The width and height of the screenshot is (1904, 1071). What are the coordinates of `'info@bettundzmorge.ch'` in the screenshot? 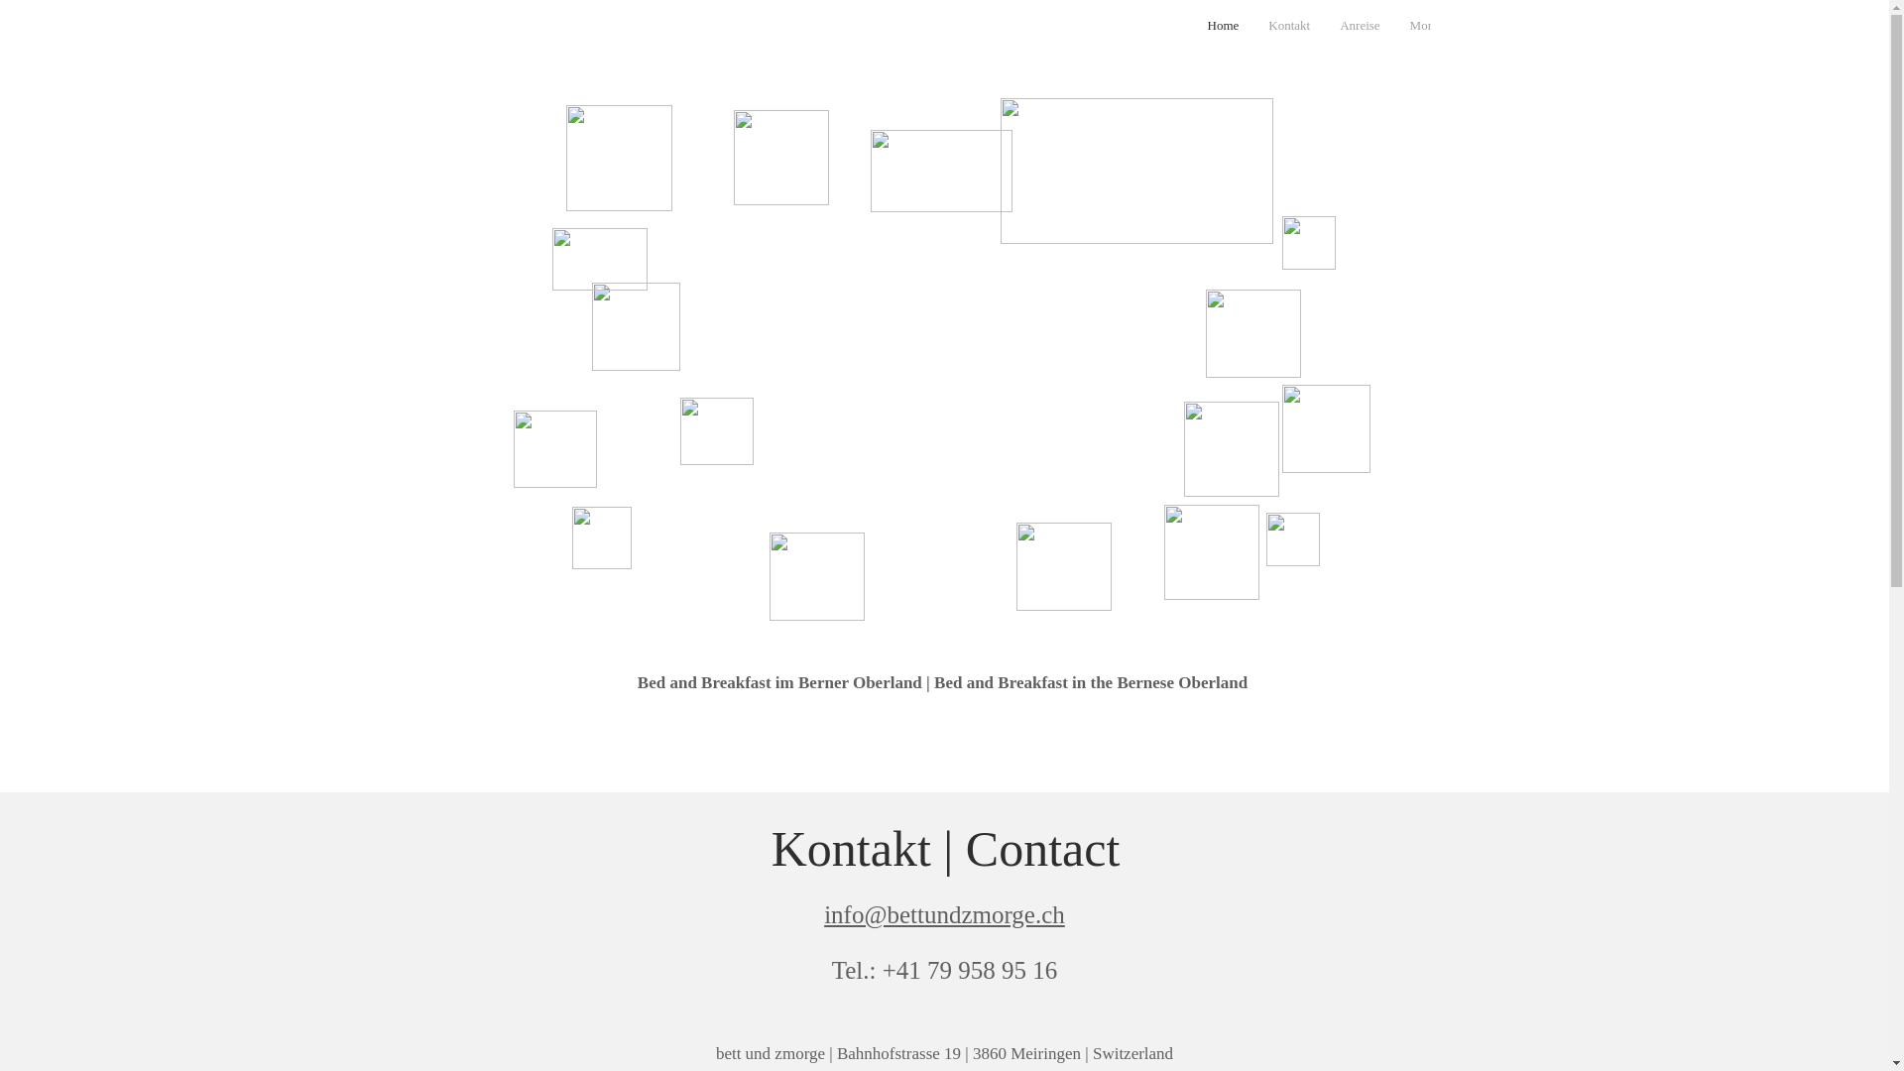 It's located at (943, 914).